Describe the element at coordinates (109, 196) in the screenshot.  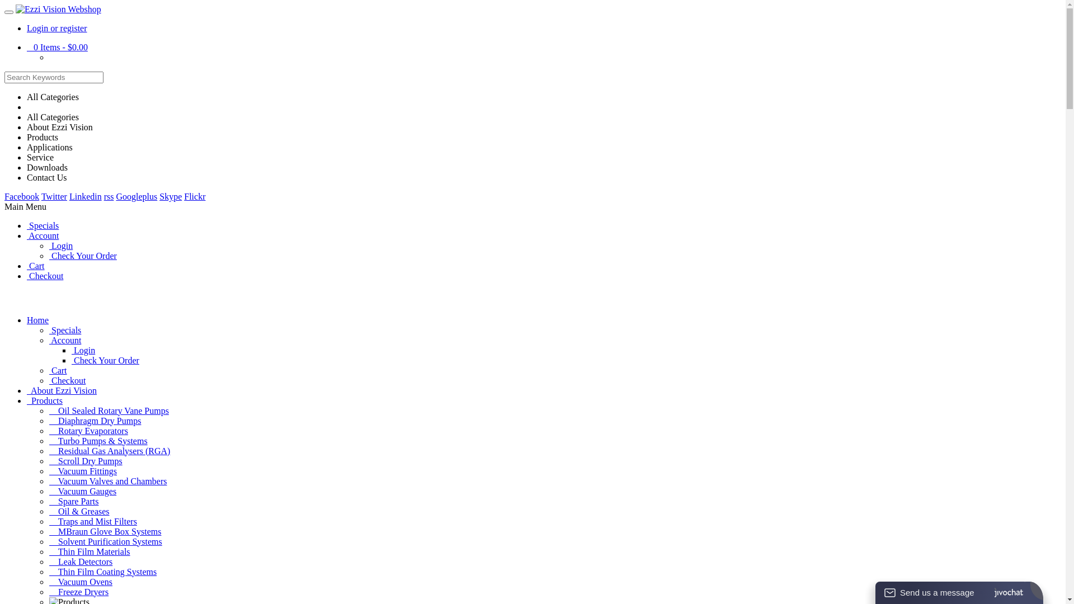
I see `'rss'` at that location.